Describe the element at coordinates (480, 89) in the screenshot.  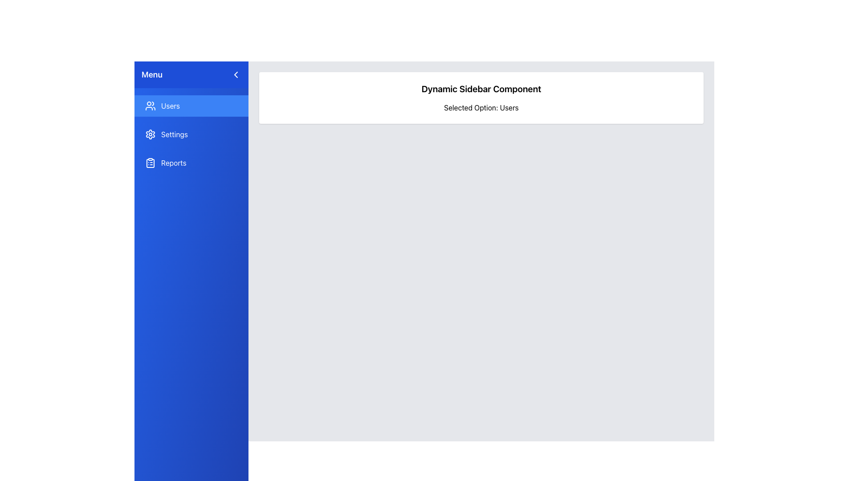
I see `the 'Dynamic Sidebar Component' text header, which is styled in bold and large font, centered within a white background with rounded corners` at that location.